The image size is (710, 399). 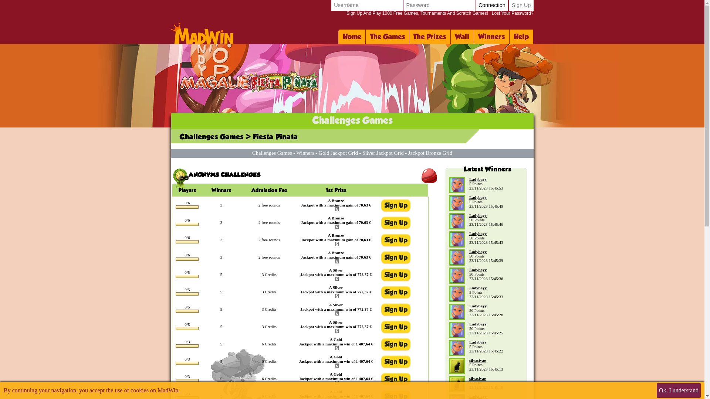 I want to click on 'Ladybayy', so click(x=478, y=179).